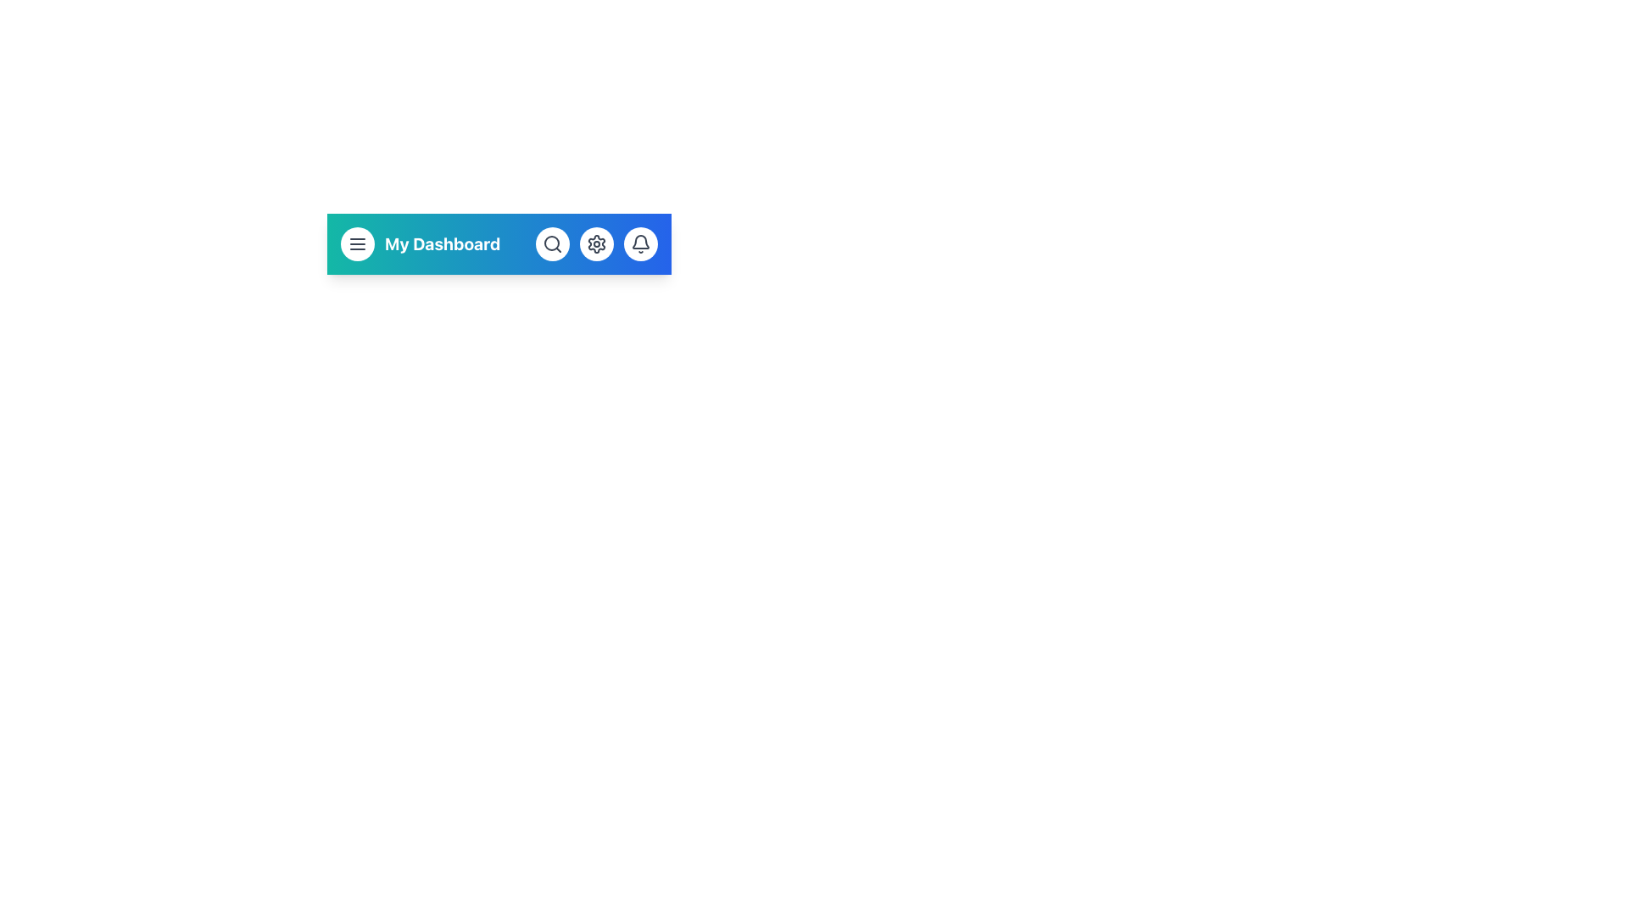 Image resolution: width=1628 pixels, height=916 pixels. Describe the element at coordinates (639, 244) in the screenshot. I see `the circular button with a bell icon, located at the far right of the toolbar` at that location.